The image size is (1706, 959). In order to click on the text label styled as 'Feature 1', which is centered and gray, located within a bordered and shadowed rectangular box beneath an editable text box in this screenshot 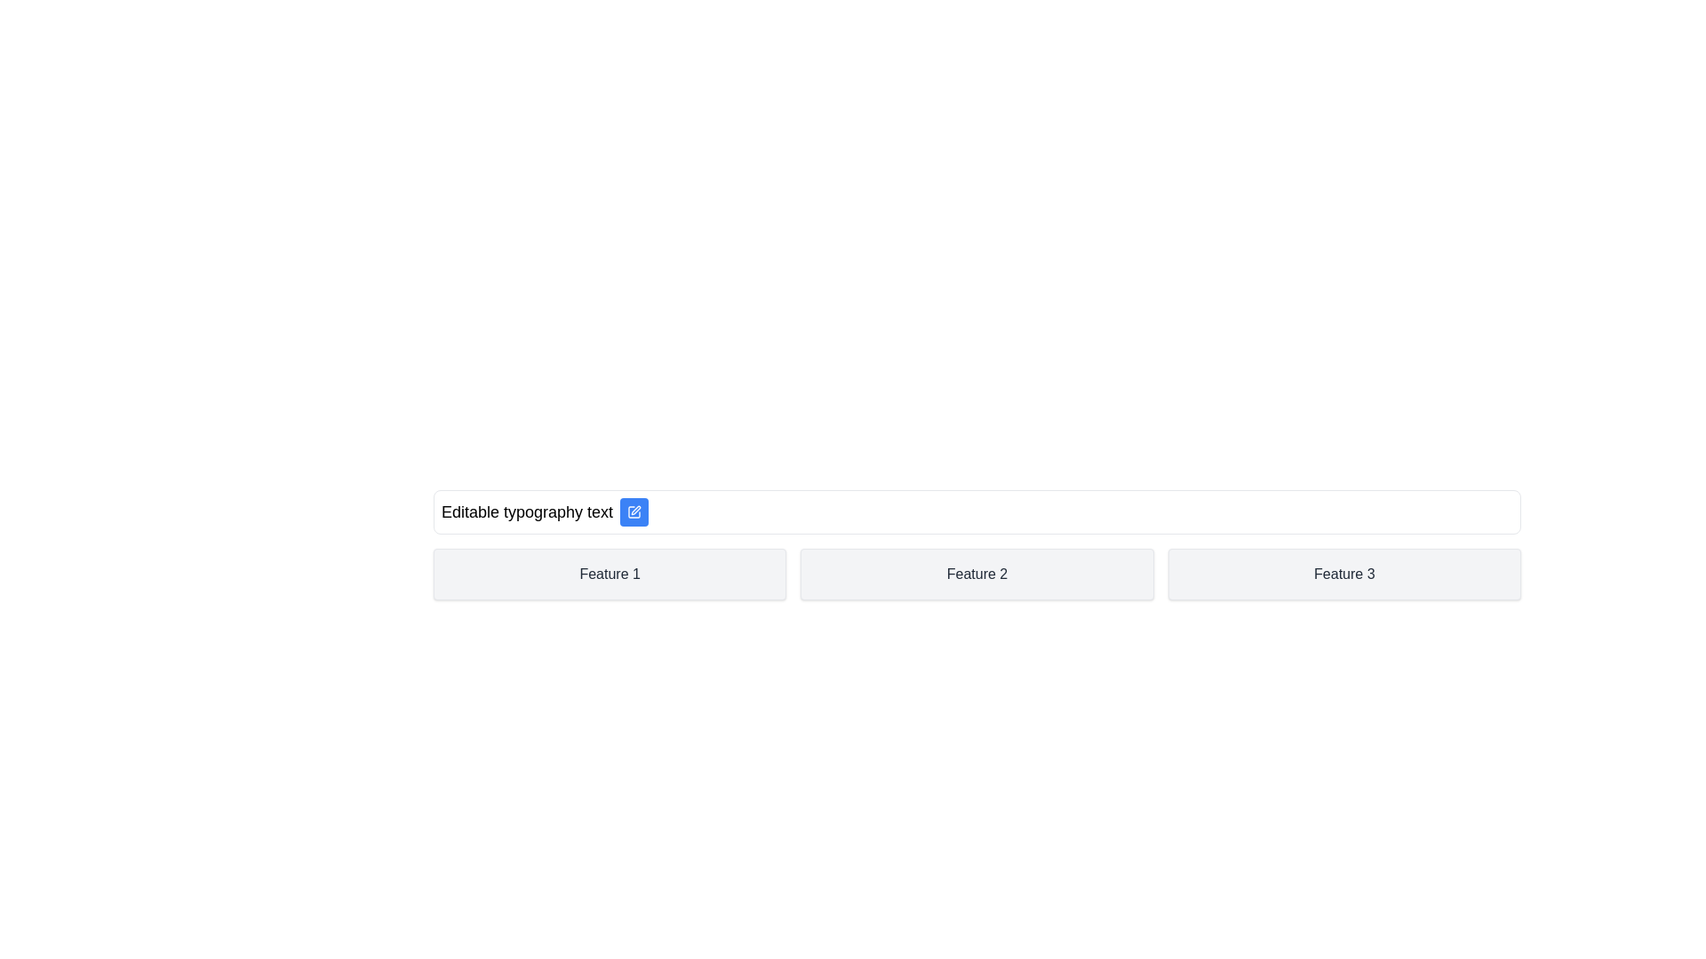, I will do `click(610, 575)`.